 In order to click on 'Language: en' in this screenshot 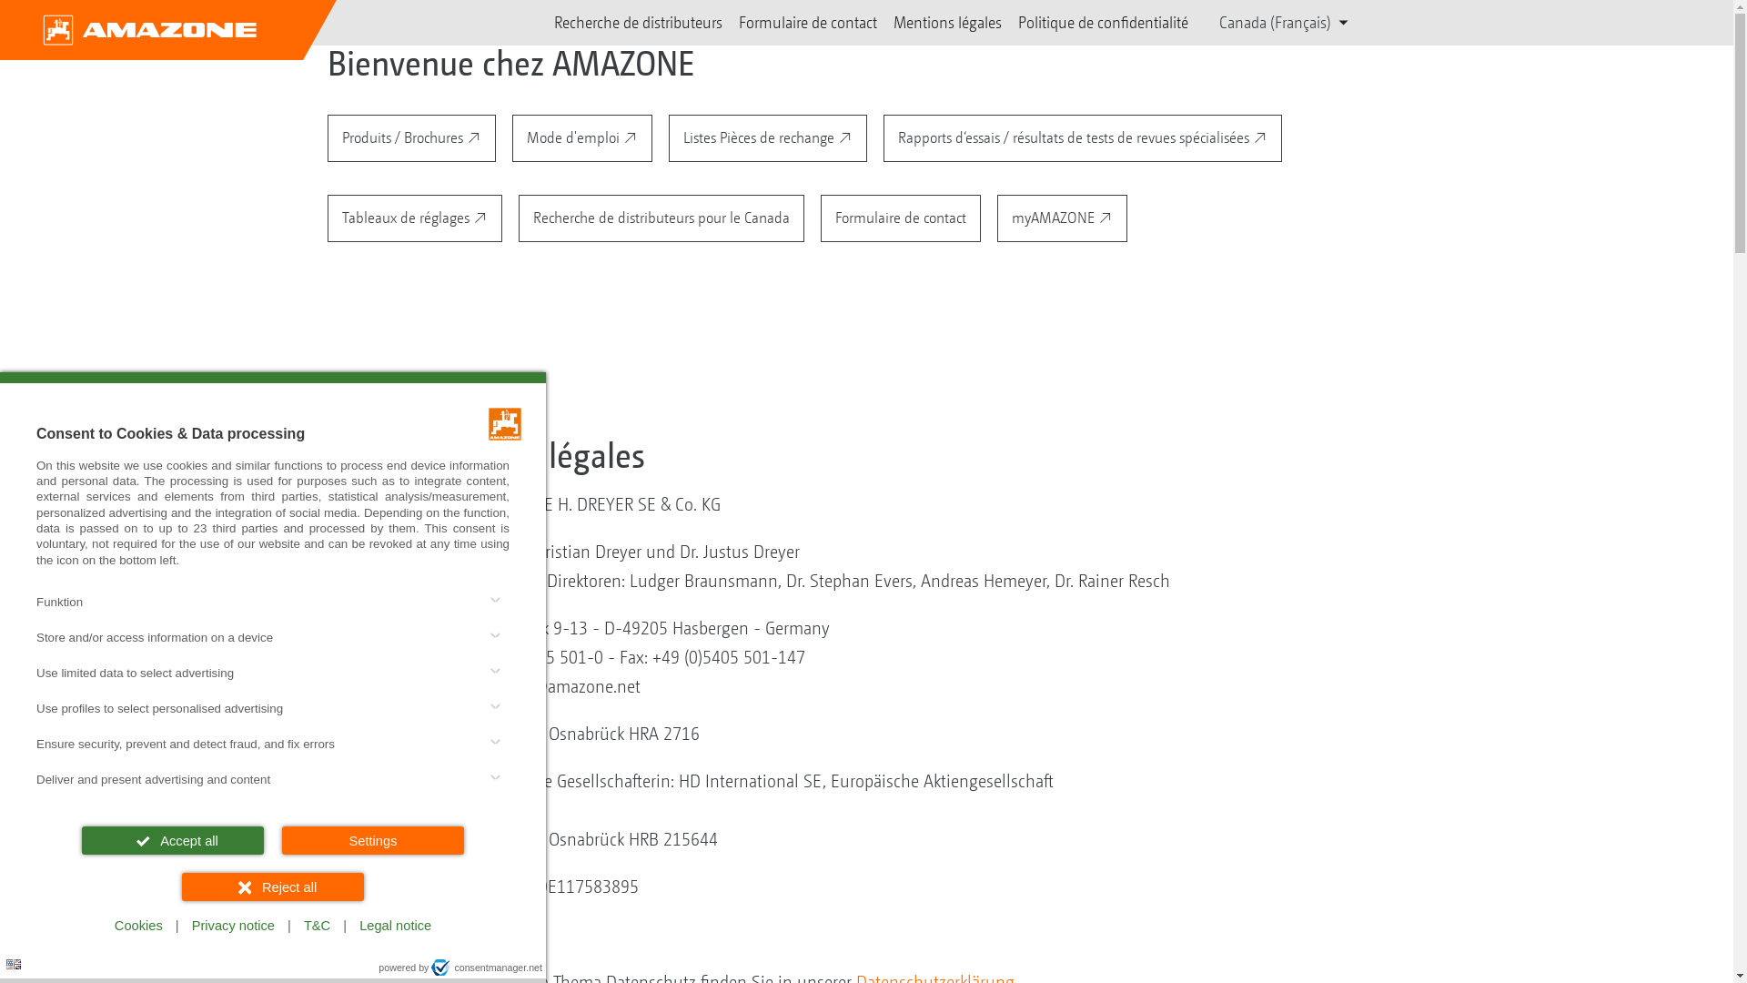, I will do `click(5, 963)`.